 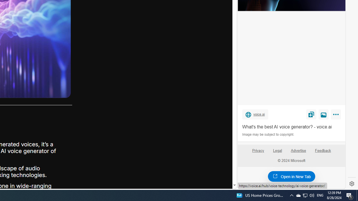 I want to click on 'Open in New Tab', so click(x=291, y=176).